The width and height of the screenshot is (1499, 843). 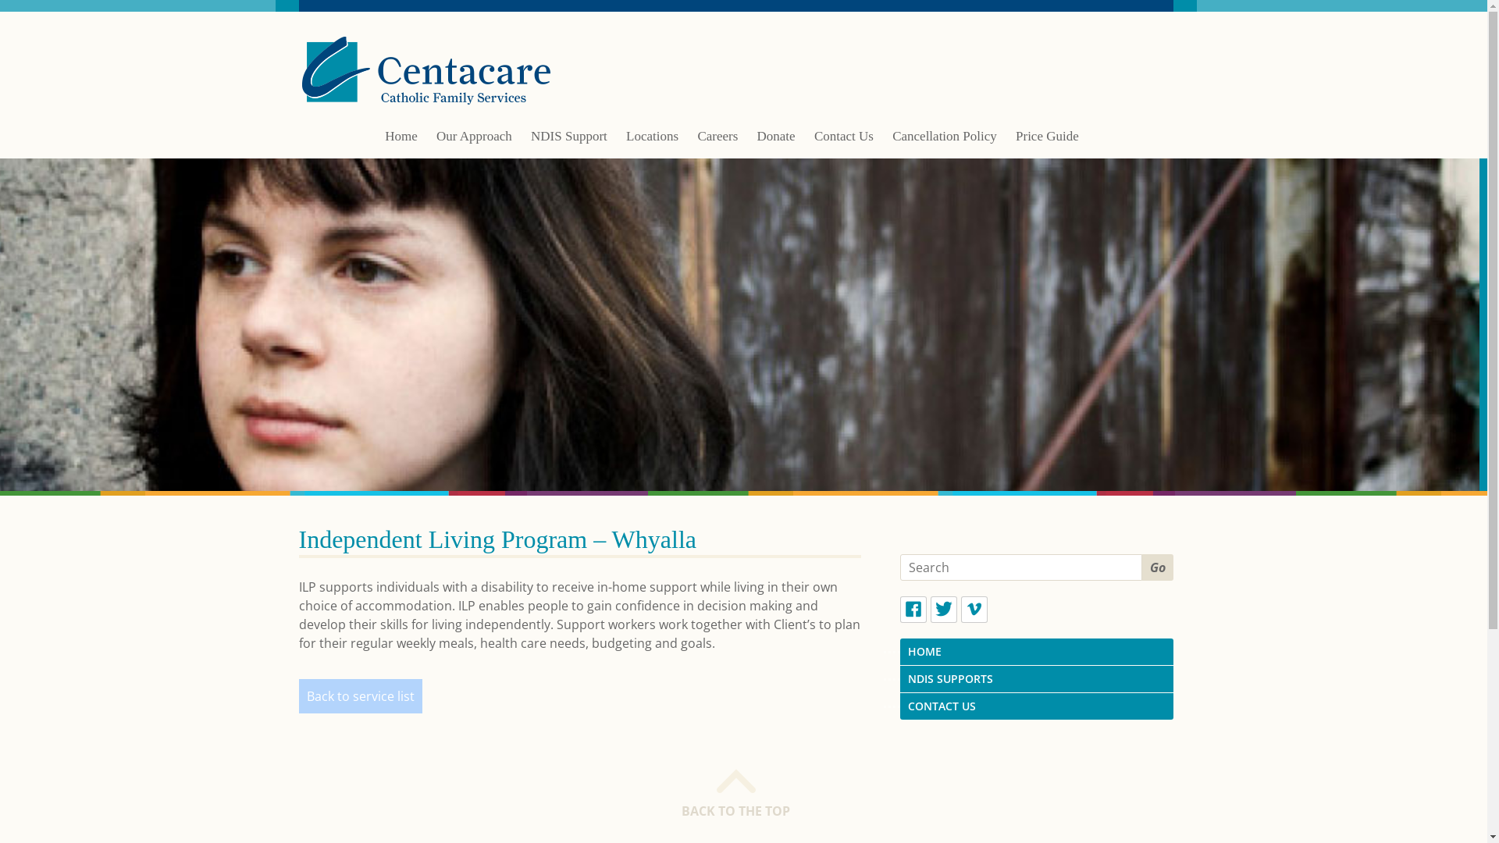 What do you see at coordinates (652, 144) in the screenshot?
I see `'Locations'` at bounding box center [652, 144].